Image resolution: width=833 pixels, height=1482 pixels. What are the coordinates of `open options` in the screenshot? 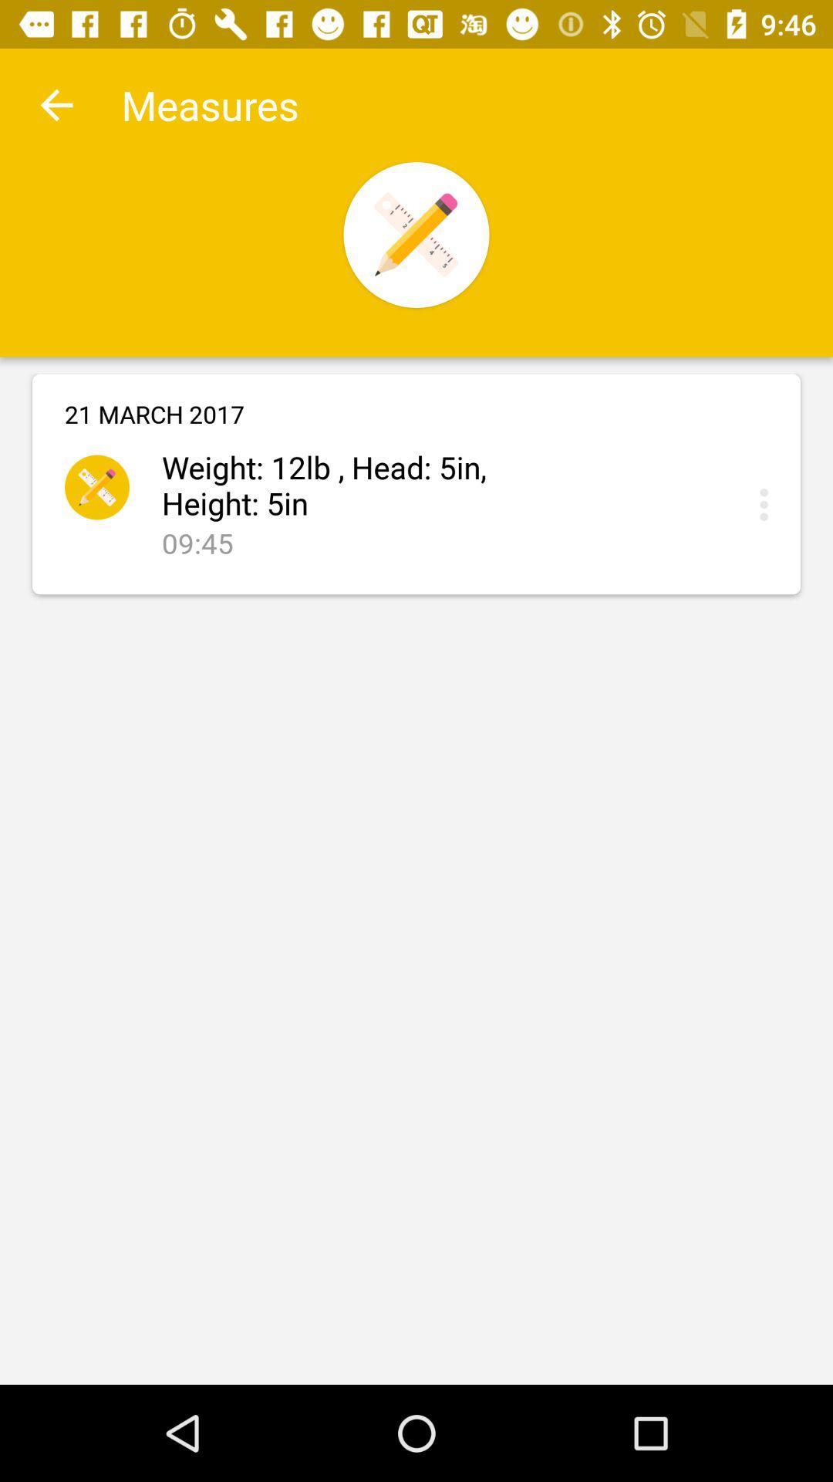 It's located at (767, 504).